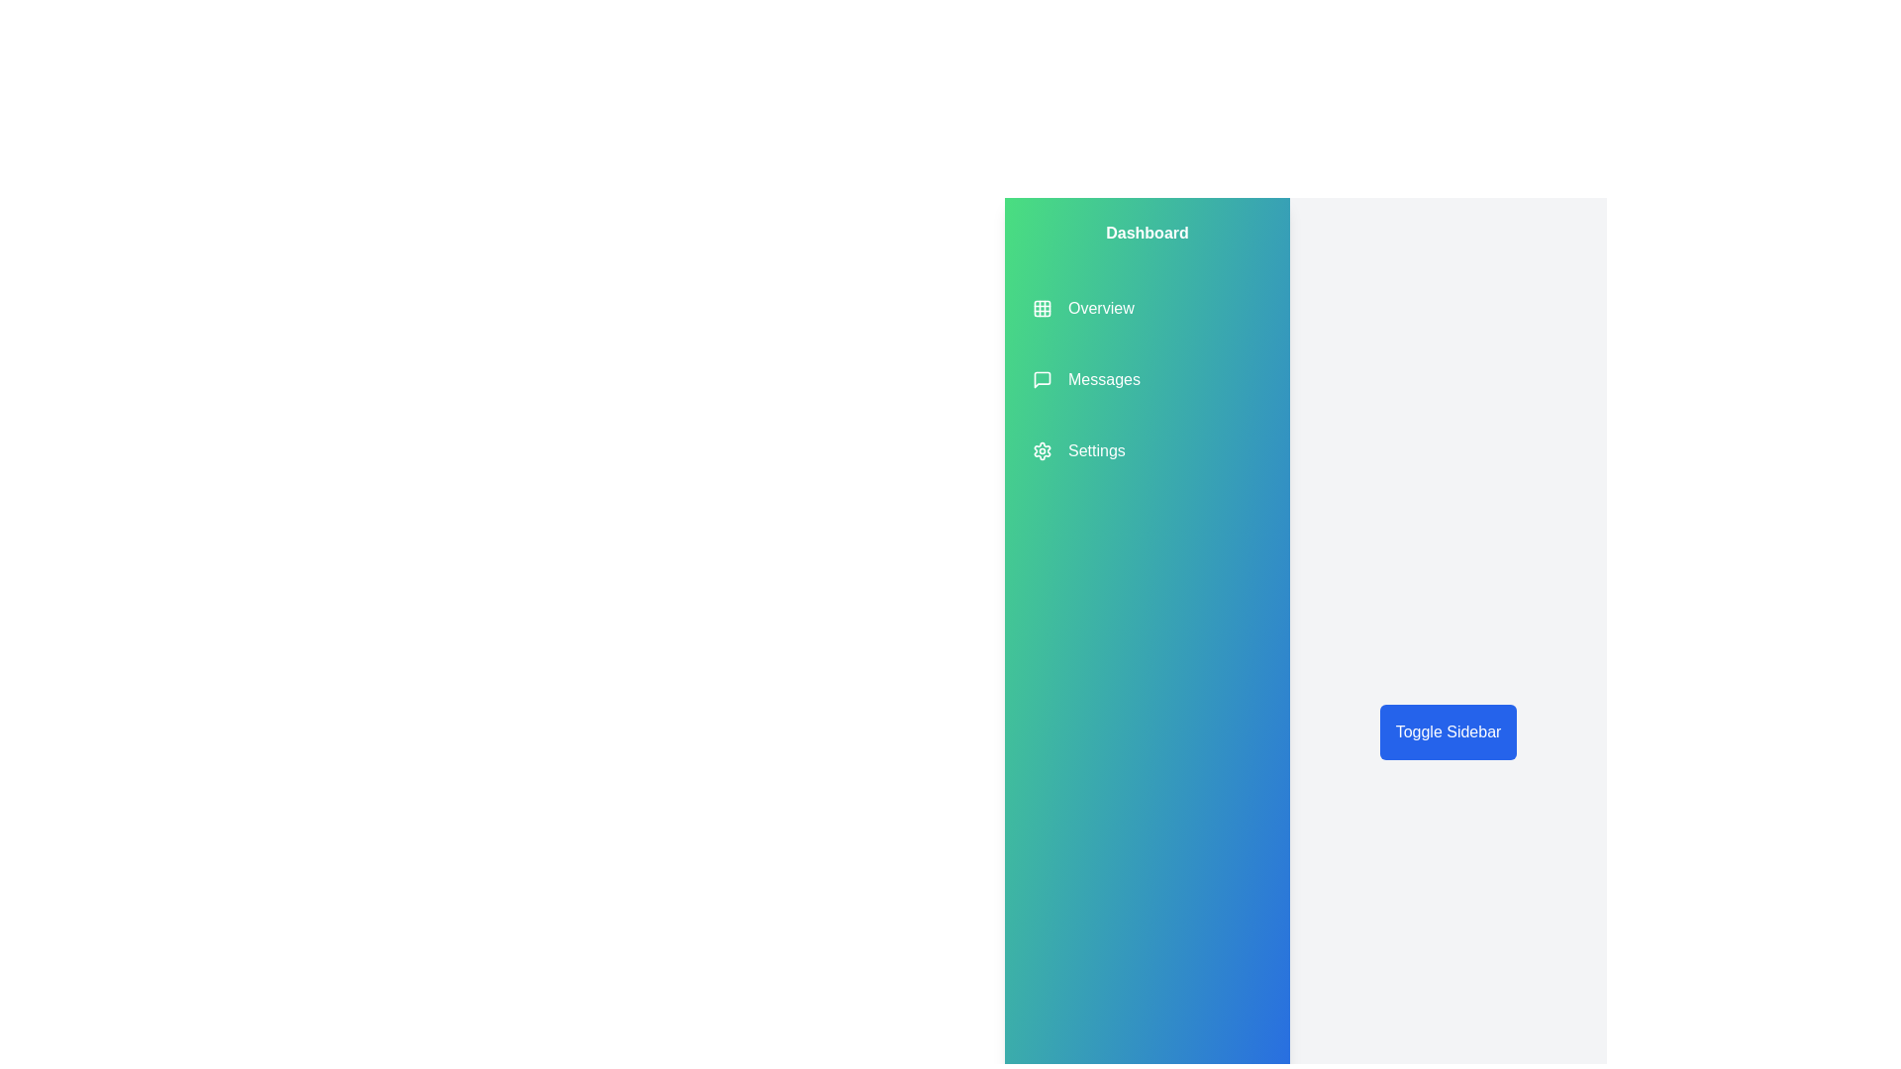  I want to click on the 'Messages' button in the sidebar, so click(1085, 380).